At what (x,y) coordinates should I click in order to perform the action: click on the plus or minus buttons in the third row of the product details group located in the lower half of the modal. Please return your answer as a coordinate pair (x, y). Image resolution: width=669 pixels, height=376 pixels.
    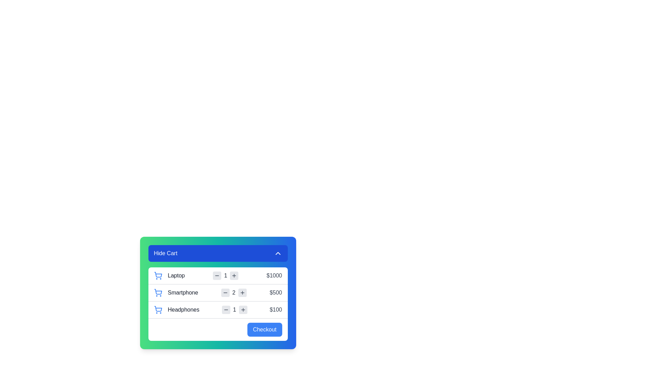
    Looking at the image, I should click on (217, 304).